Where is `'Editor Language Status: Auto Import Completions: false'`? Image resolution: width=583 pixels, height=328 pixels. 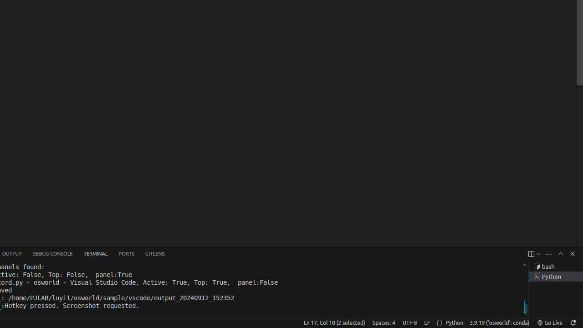
'Editor Language Status: Auto Import Completions: false' is located at coordinates (440, 322).